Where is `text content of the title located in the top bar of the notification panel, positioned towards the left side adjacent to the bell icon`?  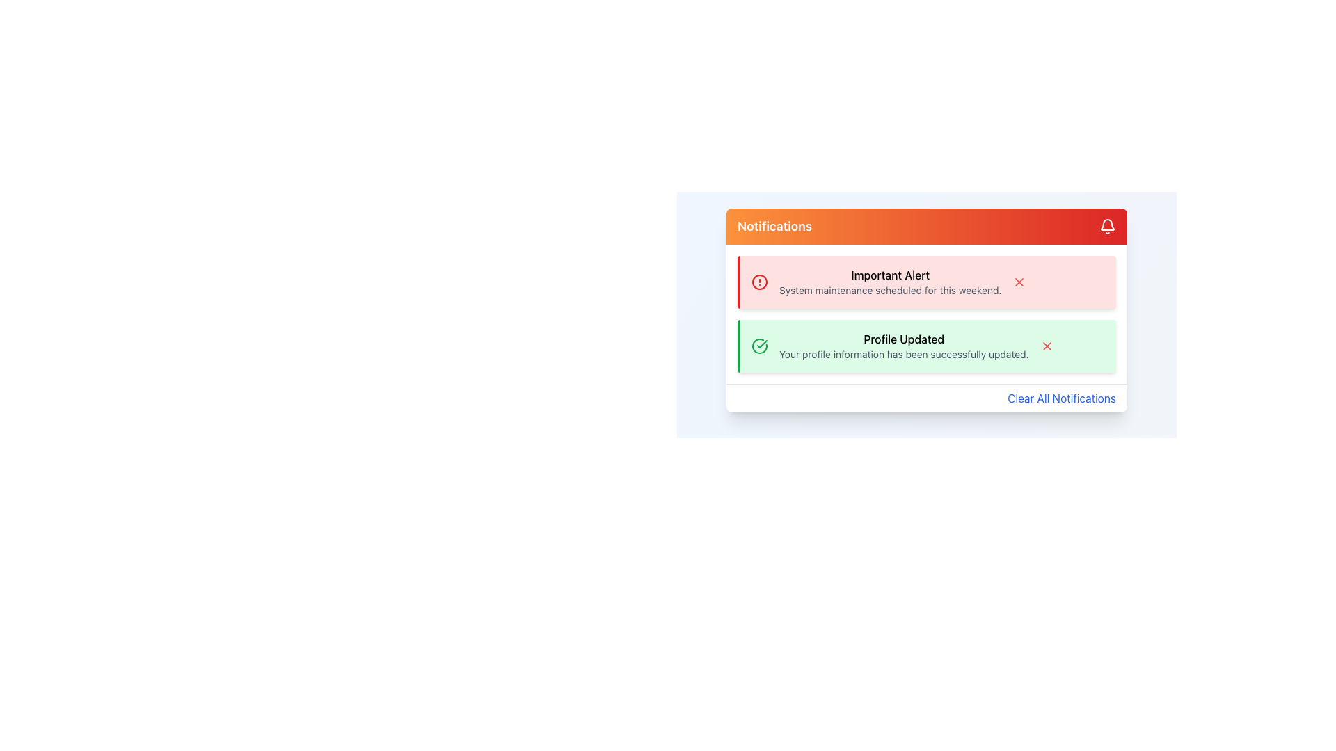
text content of the title located in the top bar of the notification panel, positioned towards the left side adjacent to the bell icon is located at coordinates (774, 226).